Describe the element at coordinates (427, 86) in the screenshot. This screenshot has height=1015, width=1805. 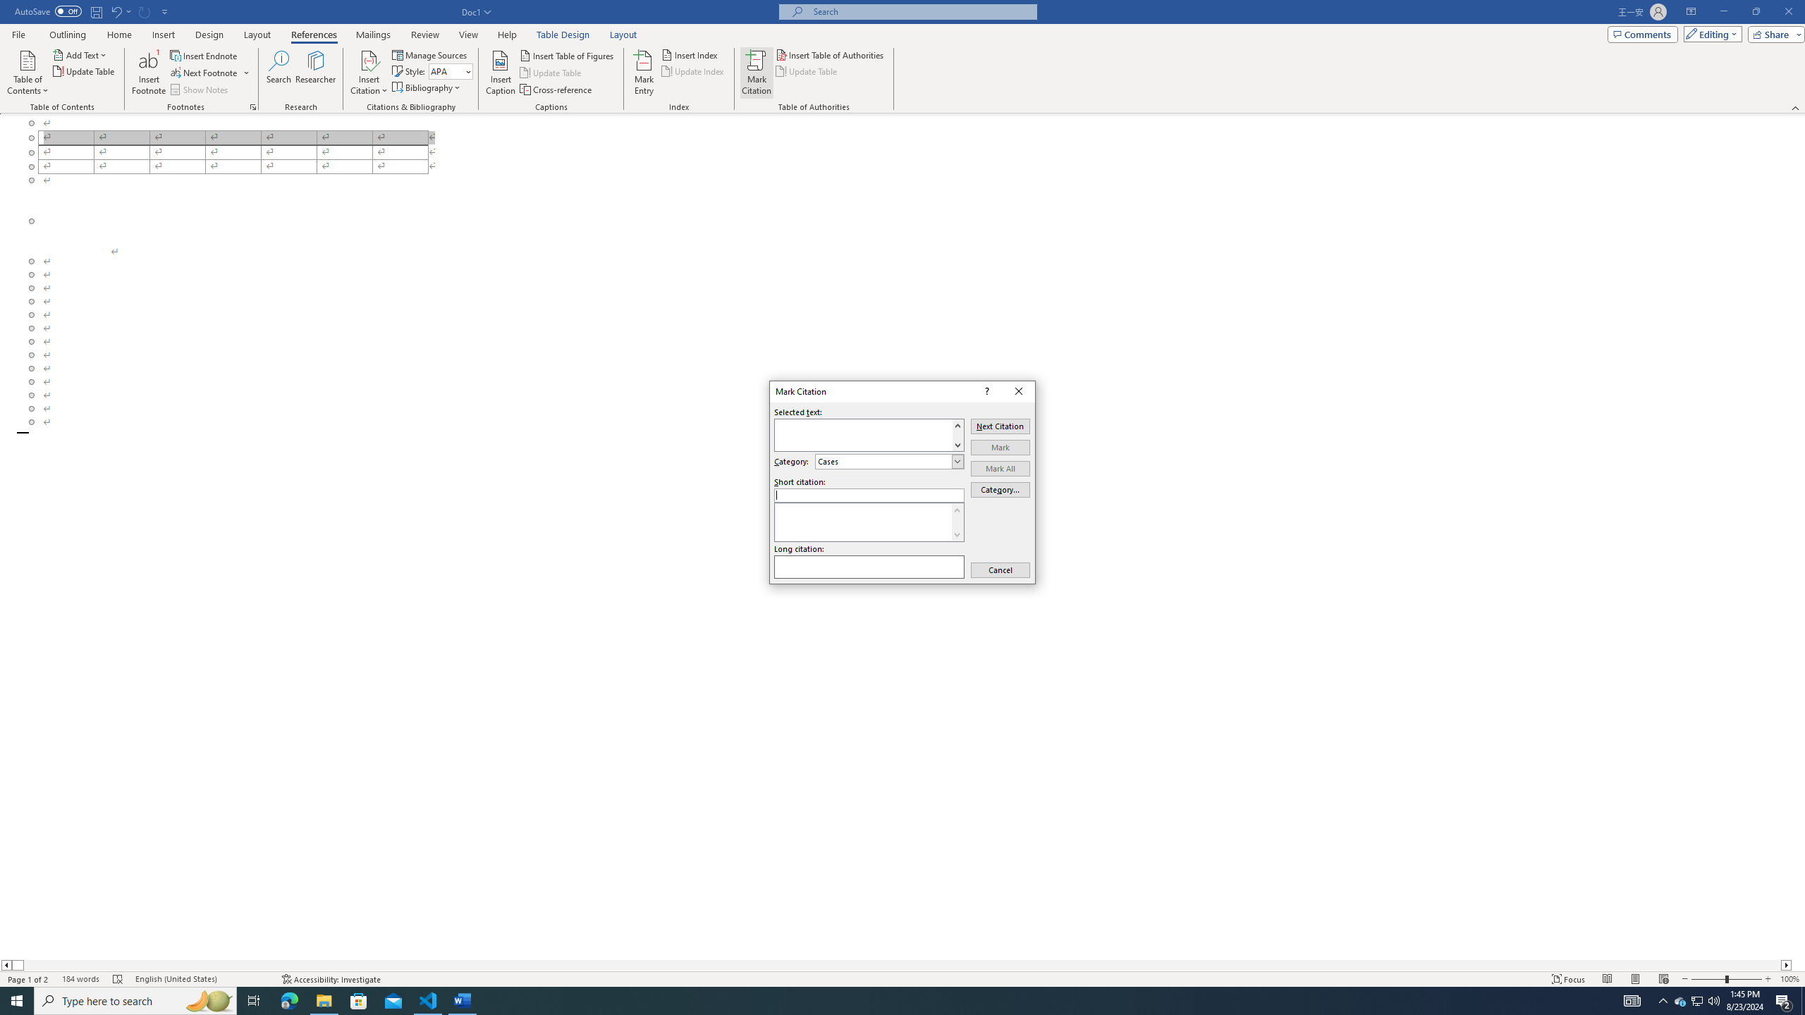
I see `'Bibliography'` at that location.